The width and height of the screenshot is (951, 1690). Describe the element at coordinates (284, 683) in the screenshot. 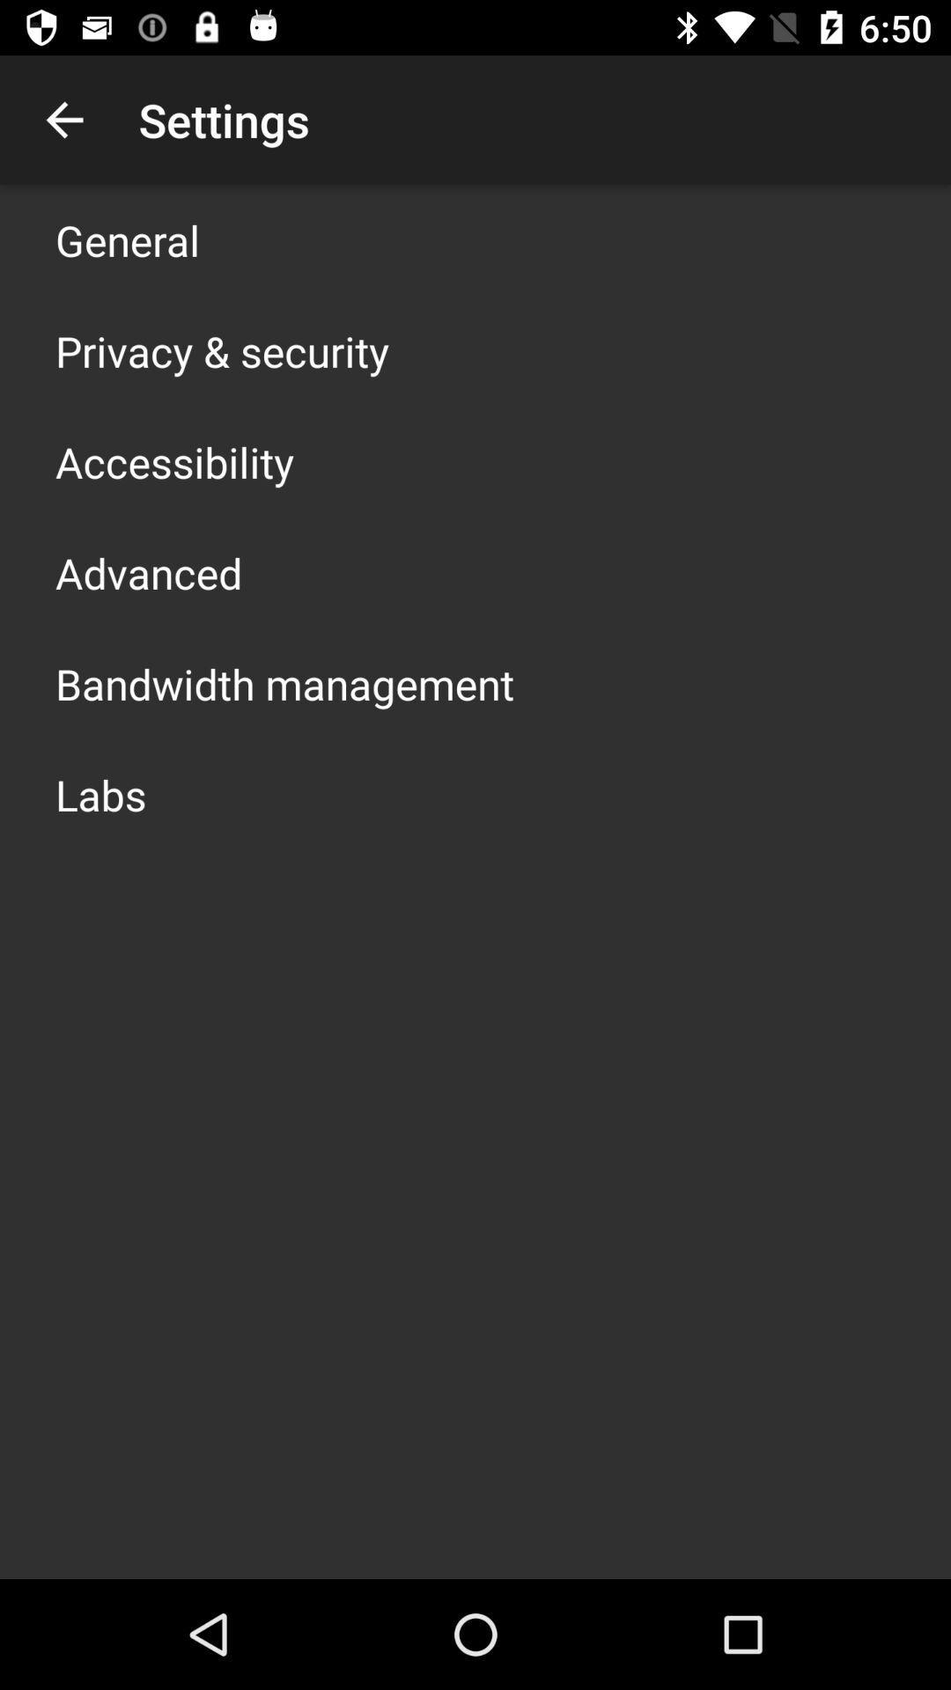

I see `the bandwidth management item` at that location.